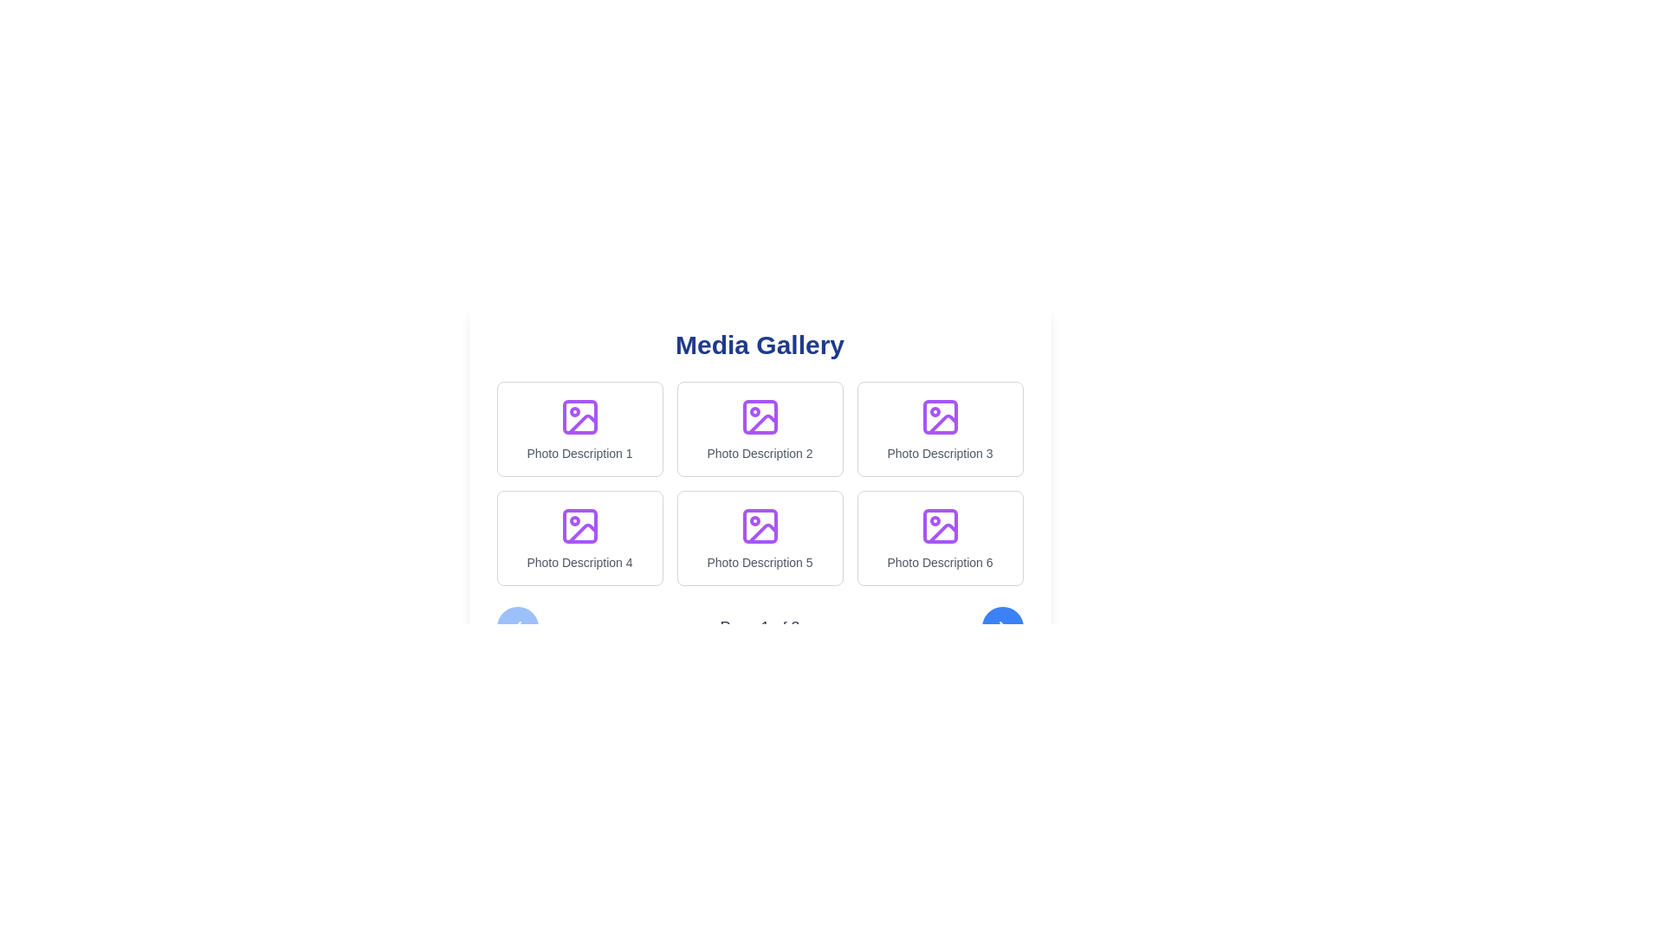  I want to click on the second card in the media gallery section that has a white background, rounded corners, and a purple photo icon at the top center, with the text 'Photo Description 2' centered below, so click(760, 429).